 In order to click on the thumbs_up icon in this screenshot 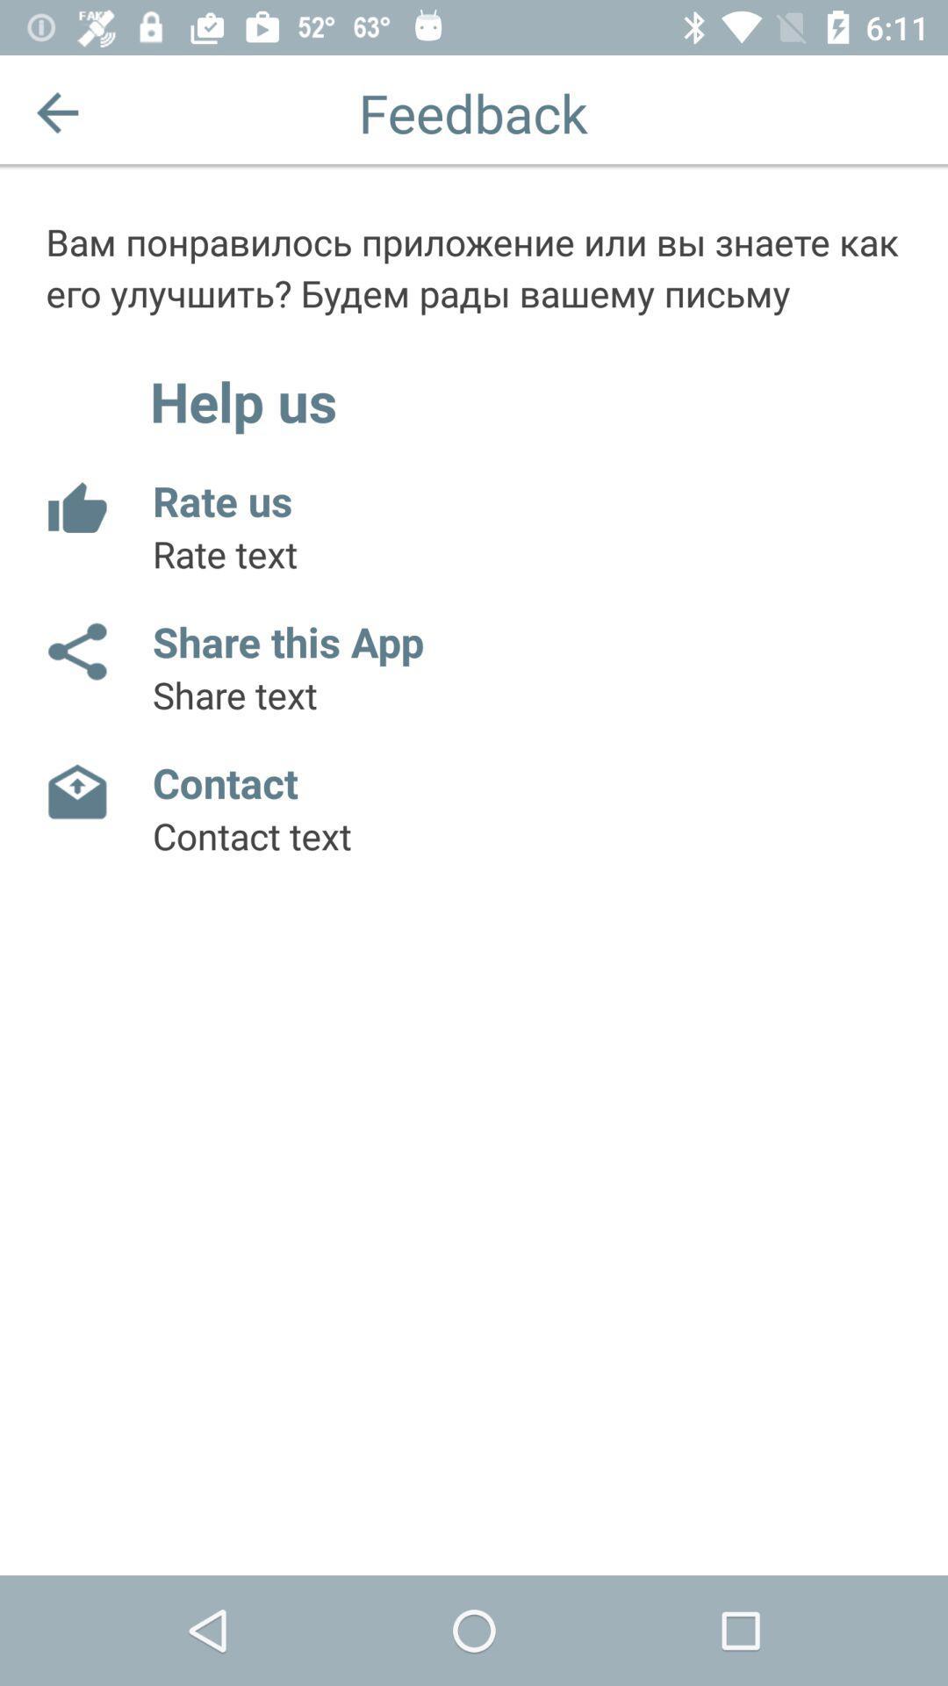, I will do `click(75, 508)`.